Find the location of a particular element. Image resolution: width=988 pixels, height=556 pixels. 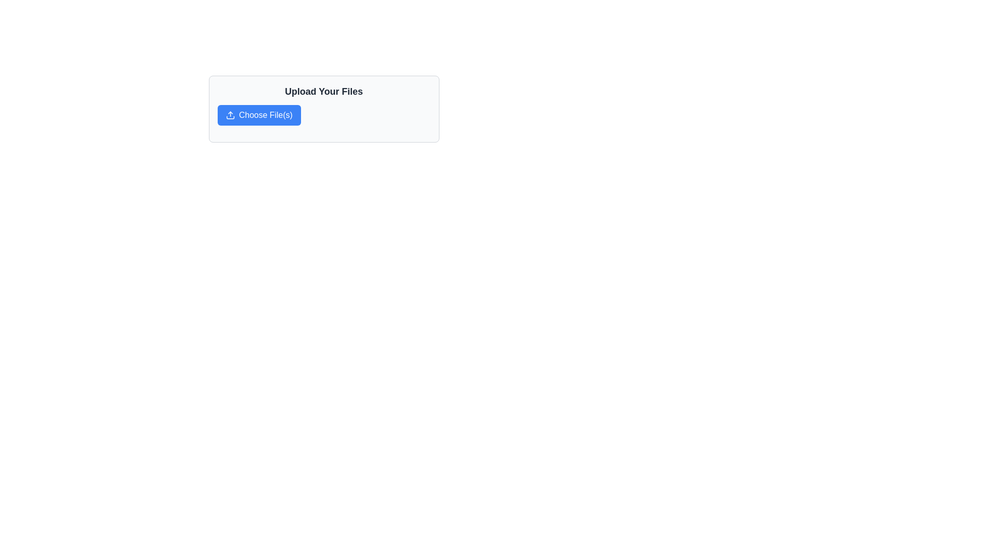

the label that indicates the functionality to choose files for uploading, which is centered within a blue button in the 'Upload Your Files' panel is located at coordinates (266, 115).